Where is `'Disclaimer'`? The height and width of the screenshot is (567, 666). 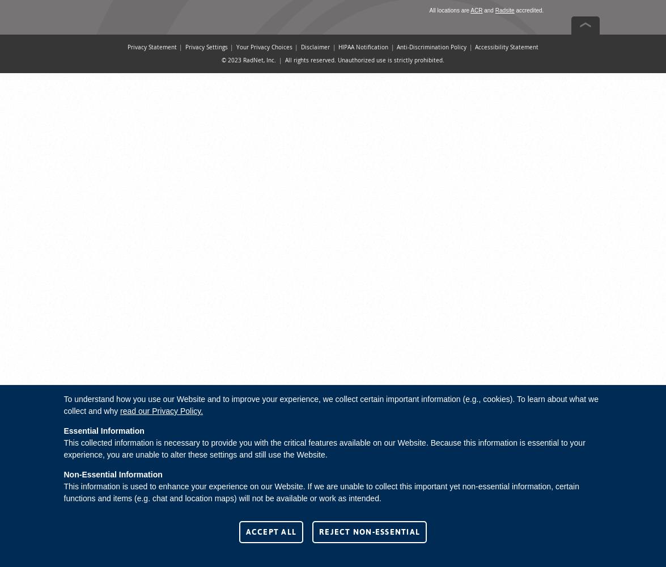 'Disclaimer' is located at coordinates (300, 46).